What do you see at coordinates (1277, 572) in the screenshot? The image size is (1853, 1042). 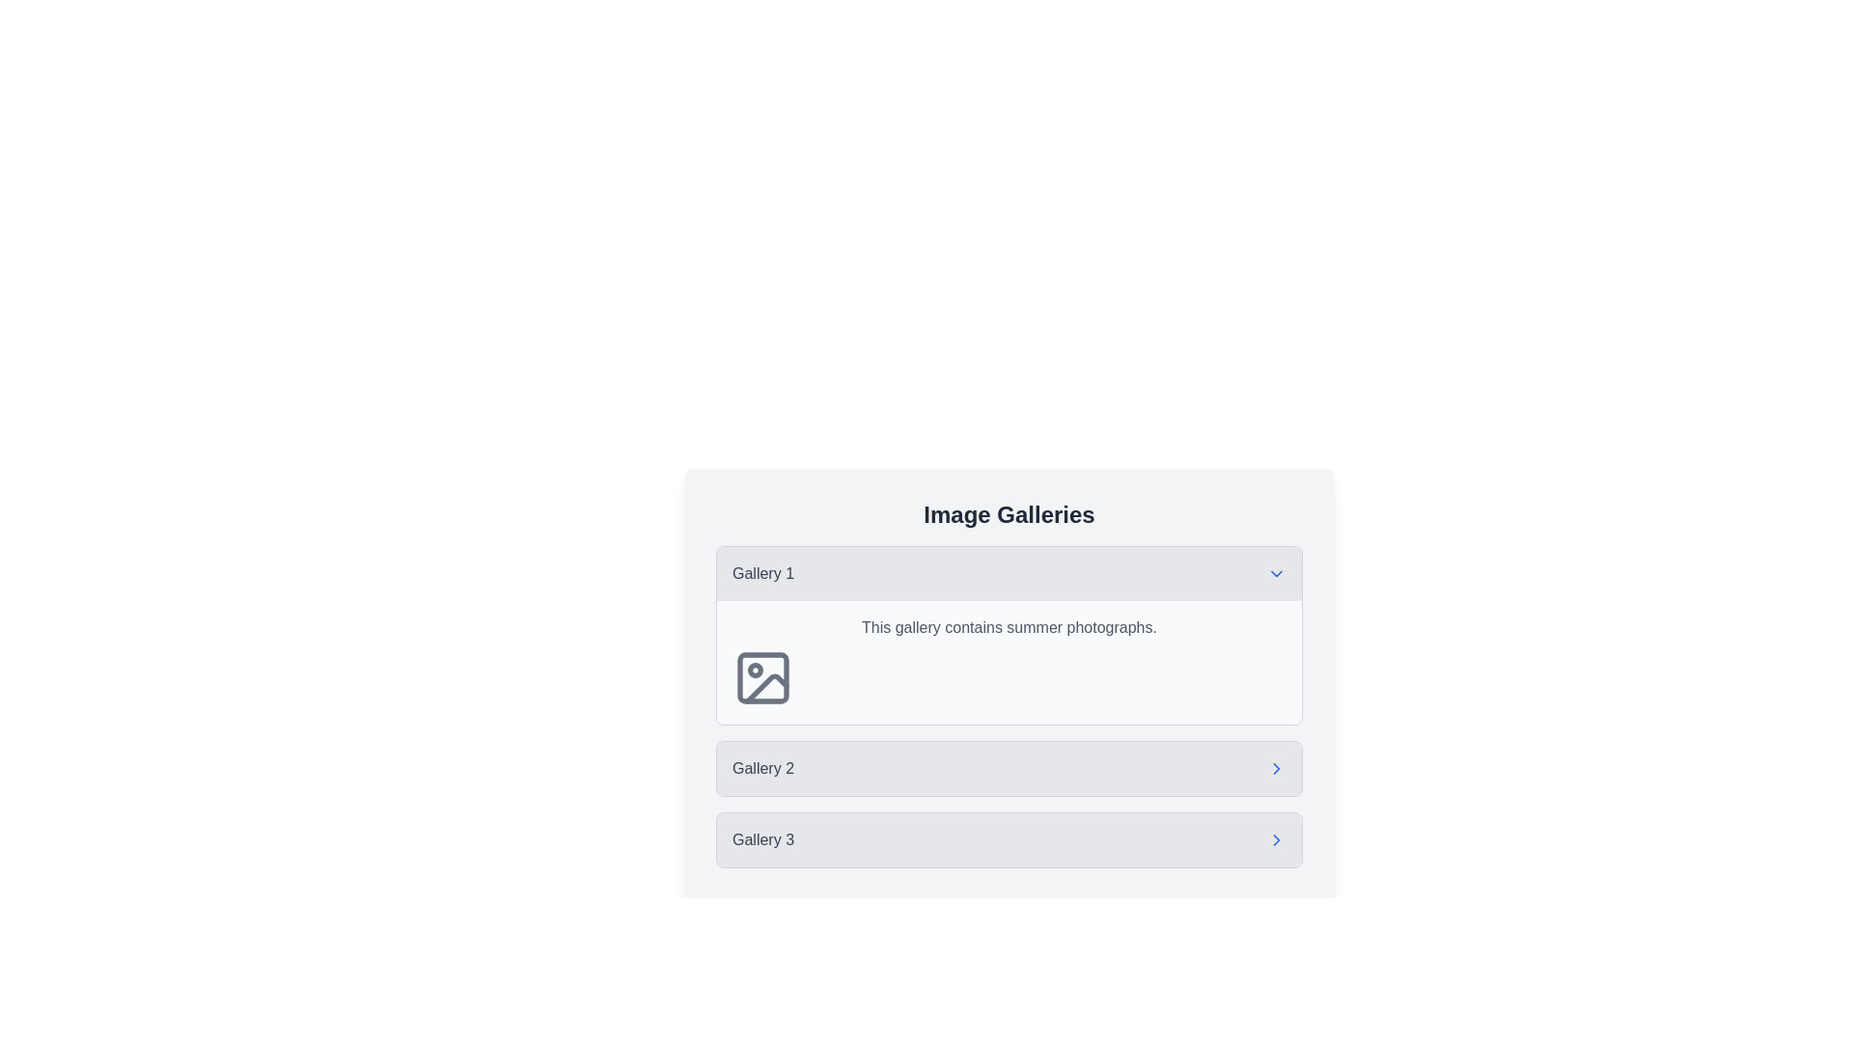 I see `the downward chevron SVG icon located at the far right of the 'Gallery 1' section` at bounding box center [1277, 572].